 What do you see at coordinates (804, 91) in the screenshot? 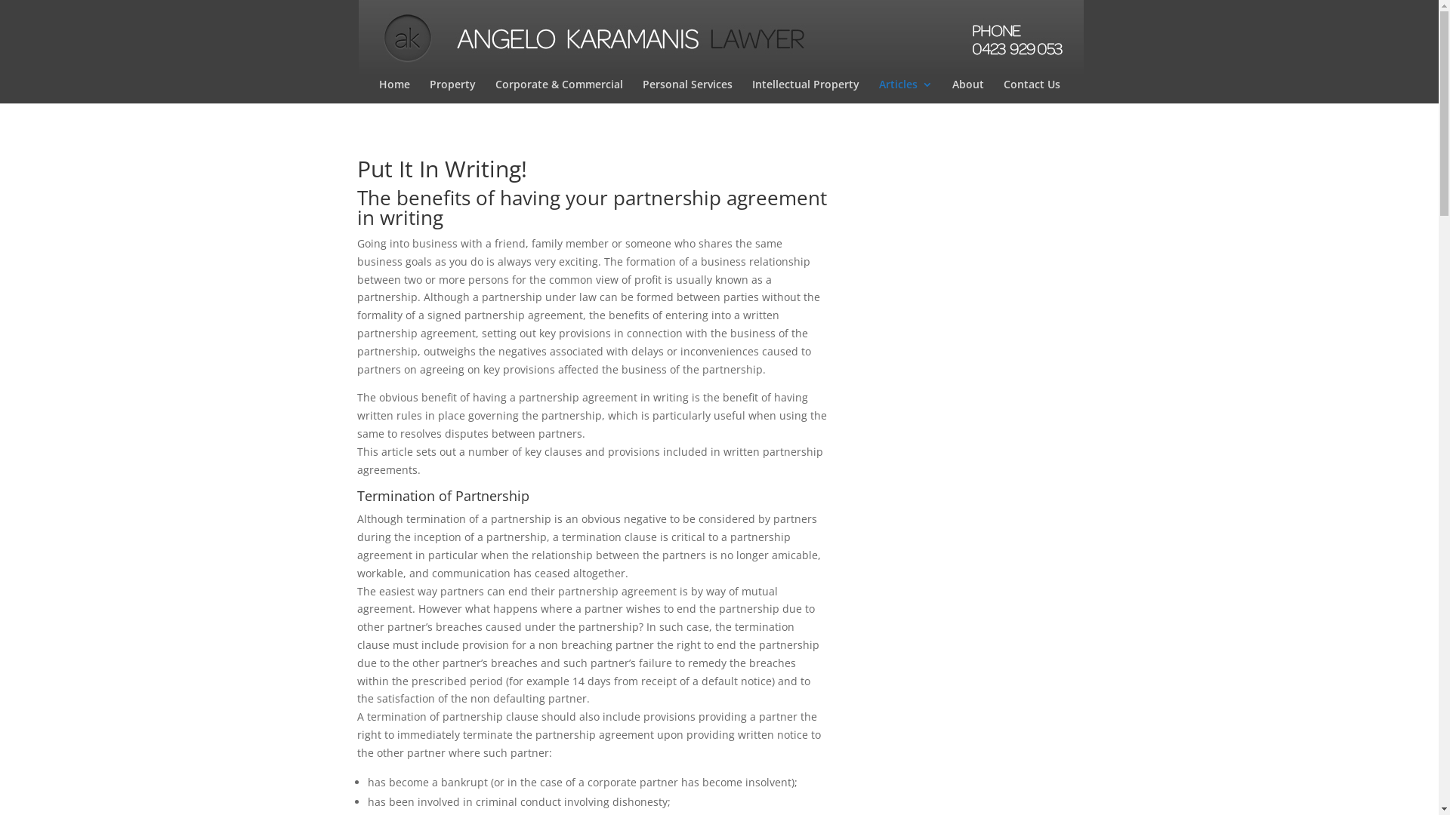
I see `'Intellectual Property'` at bounding box center [804, 91].